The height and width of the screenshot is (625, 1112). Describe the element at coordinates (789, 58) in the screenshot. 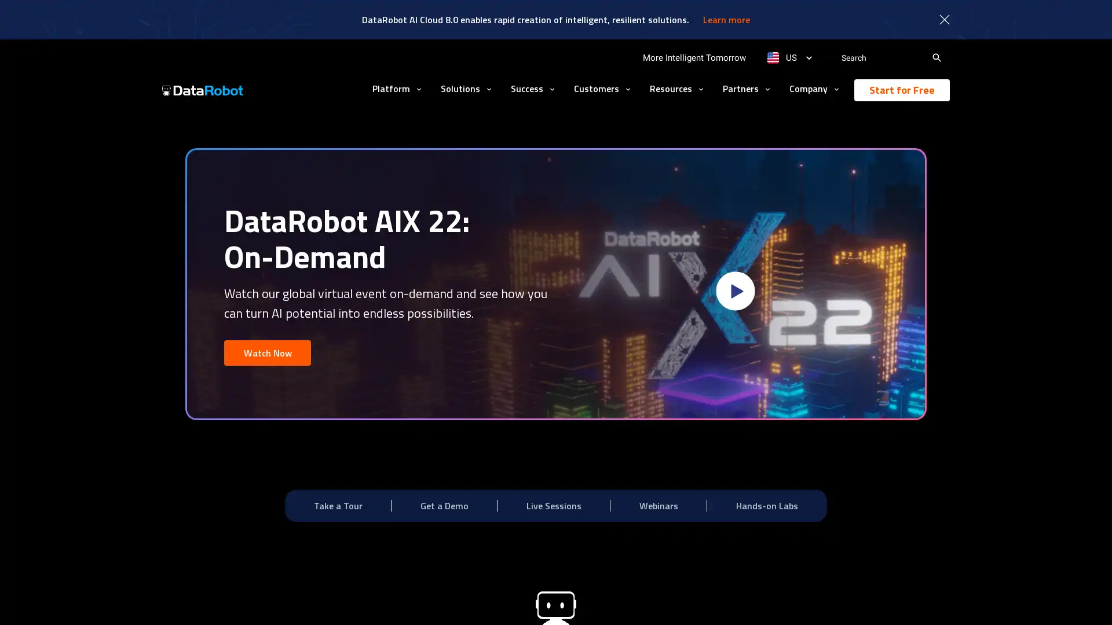

I see `US` at that location.